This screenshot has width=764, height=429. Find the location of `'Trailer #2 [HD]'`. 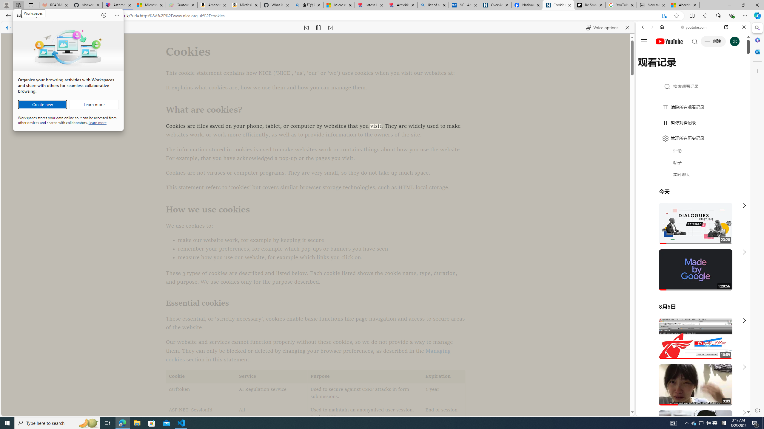

'Trailer #2 [HD]' is located at coordinates (692, 177).